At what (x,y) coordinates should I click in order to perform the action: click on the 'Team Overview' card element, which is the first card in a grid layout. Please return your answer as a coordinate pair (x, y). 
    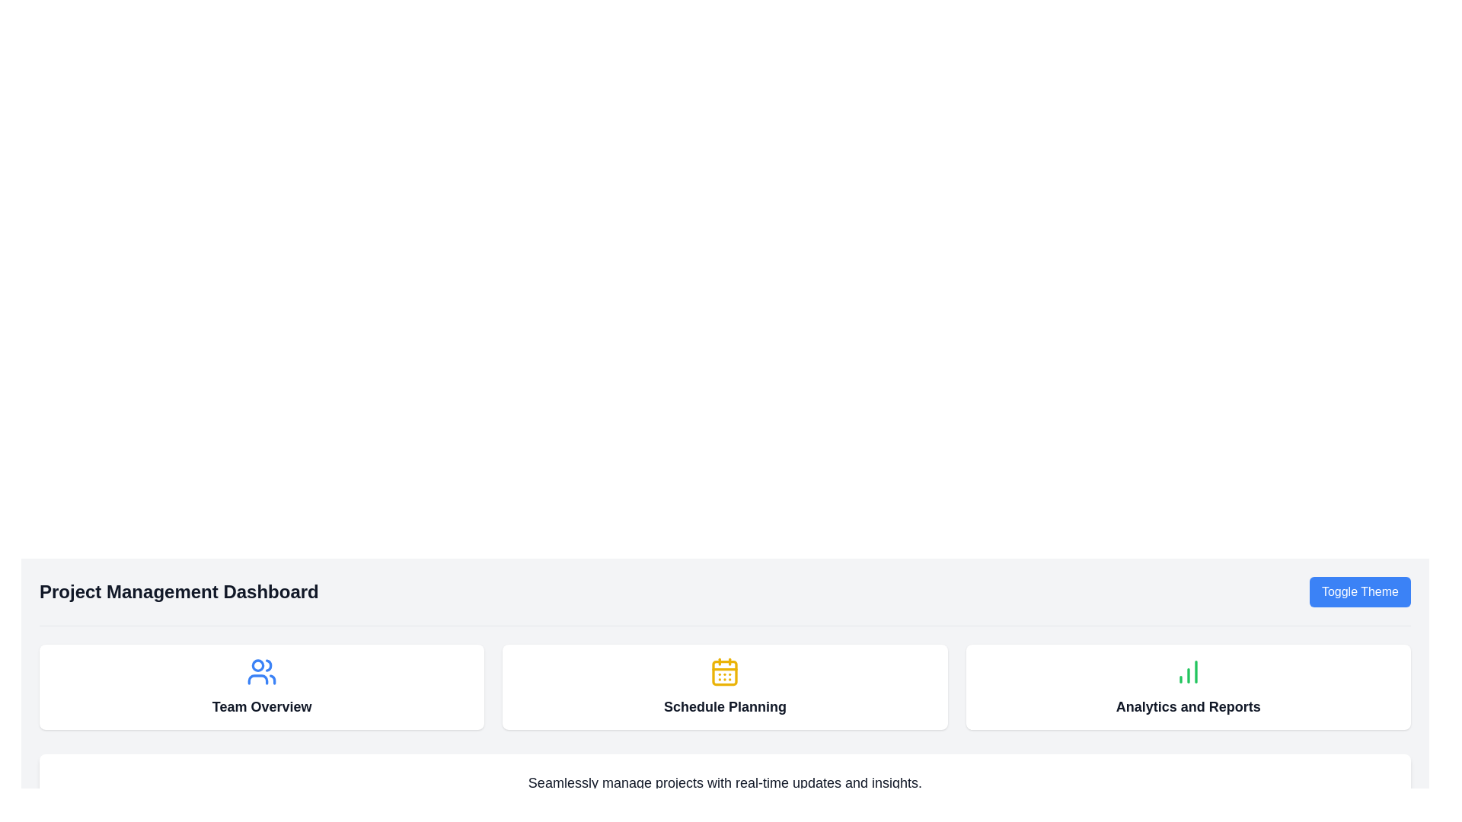
    Looking at the image, I should click on (262, 687).